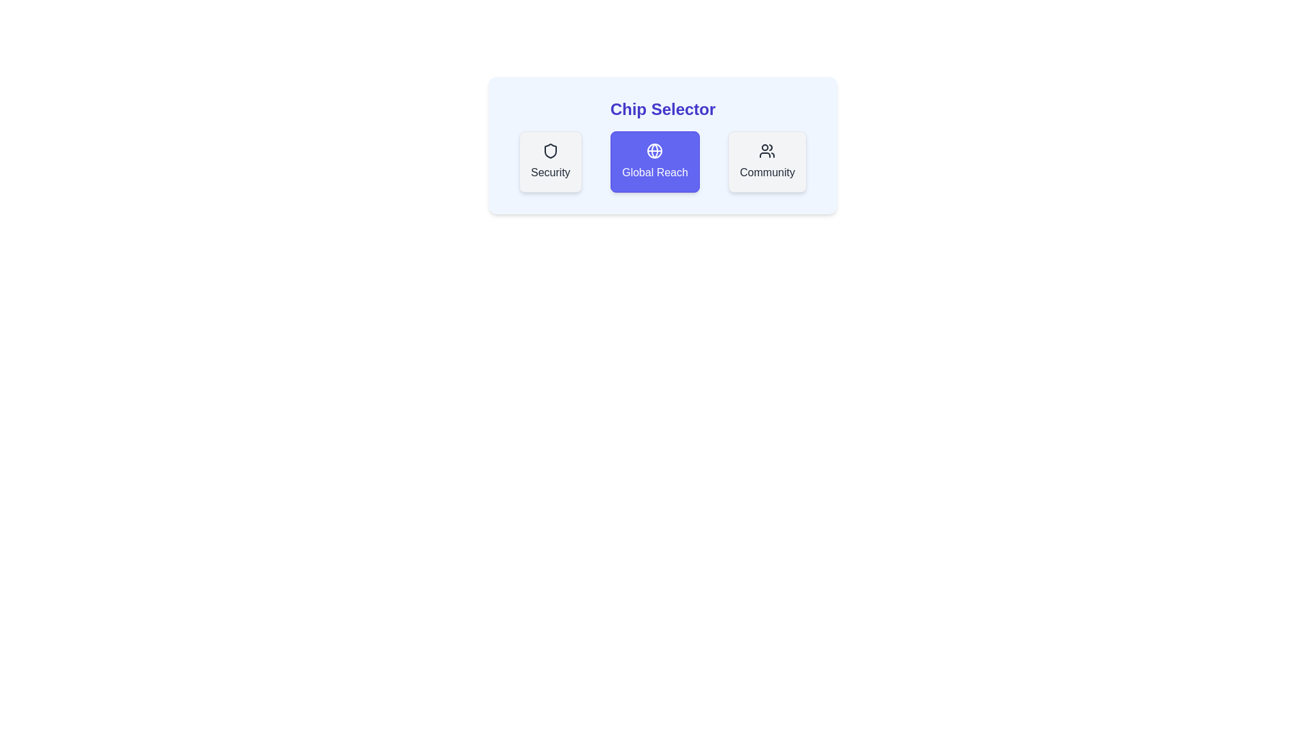 The width and height of the screenshot is (1307, 735). I want to click on the chip labeled Global Reach, so click(655, 161).